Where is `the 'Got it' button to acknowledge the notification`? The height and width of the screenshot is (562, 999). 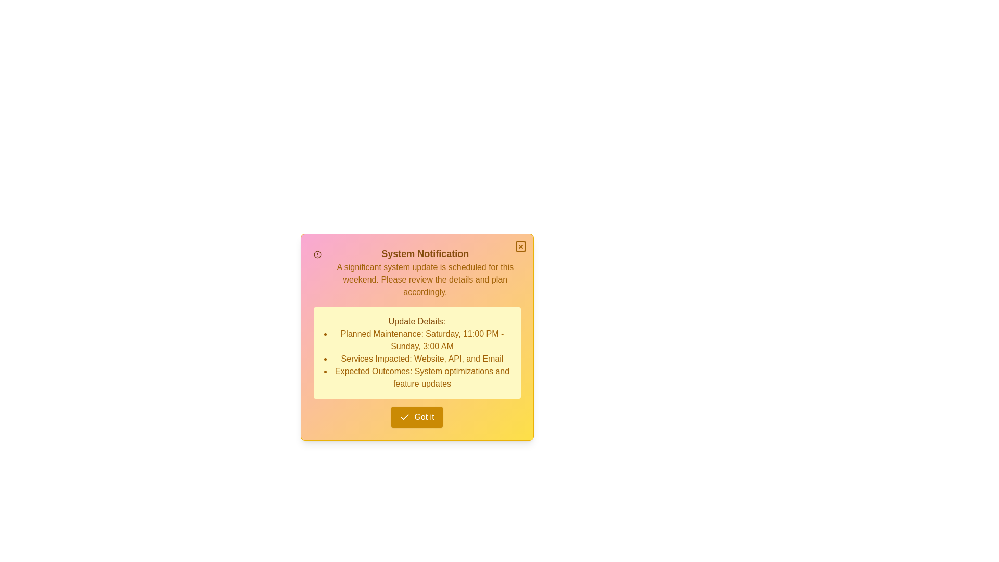
the 'Got it' button to acknowledge the notification is located at coordinates (417, 417).